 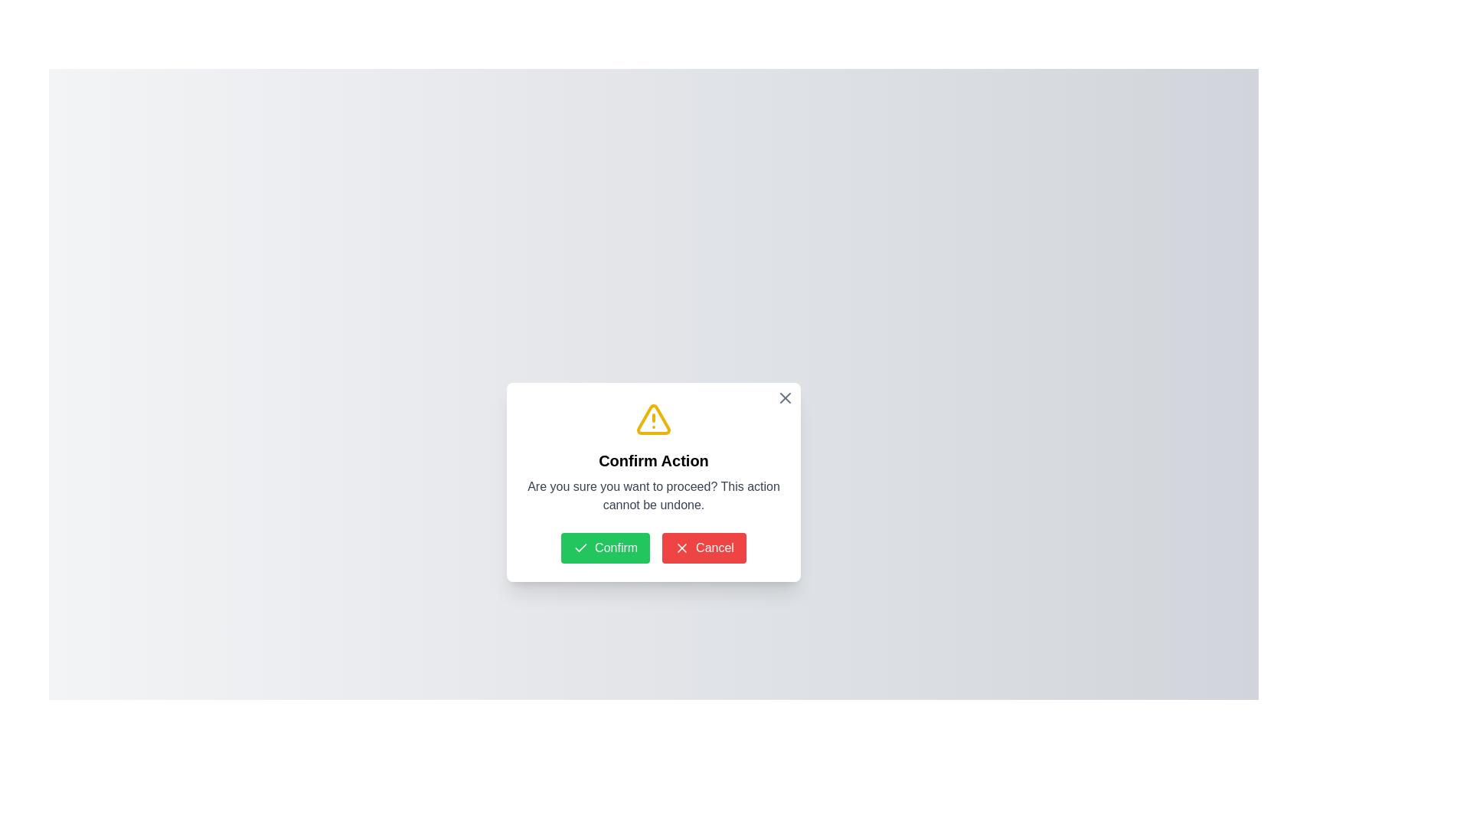 What do you see at coordinates (654, 496) in the screenshot?
I see `cautionary message displayed in the second text block of the modal dialog box, located below the 'Confirm Action' heading` at bounding box center [654, 496].